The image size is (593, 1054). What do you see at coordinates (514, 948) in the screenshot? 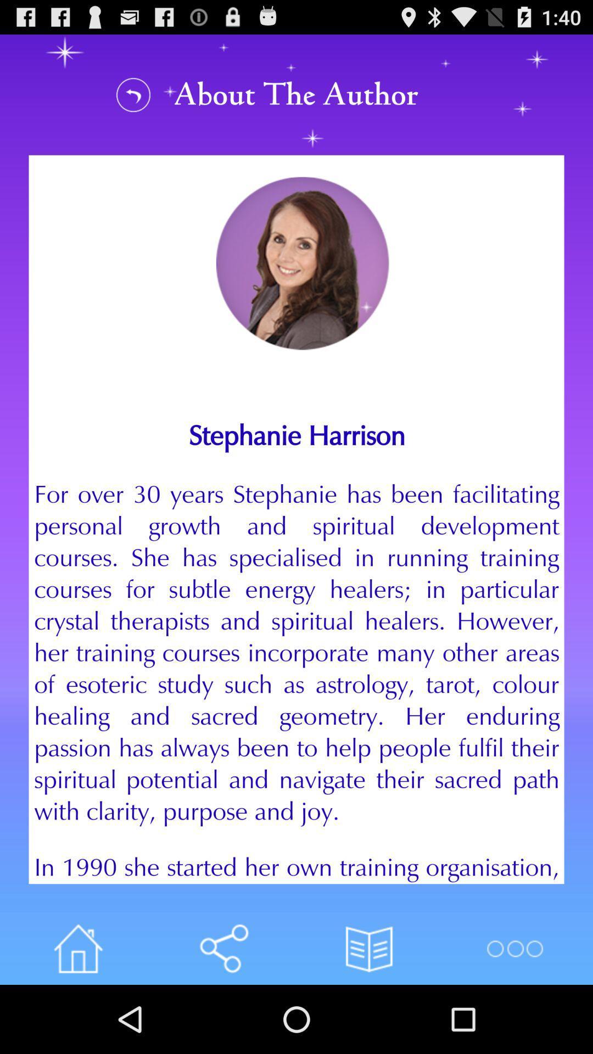
I see `more options` at bounding box center [514, 948].